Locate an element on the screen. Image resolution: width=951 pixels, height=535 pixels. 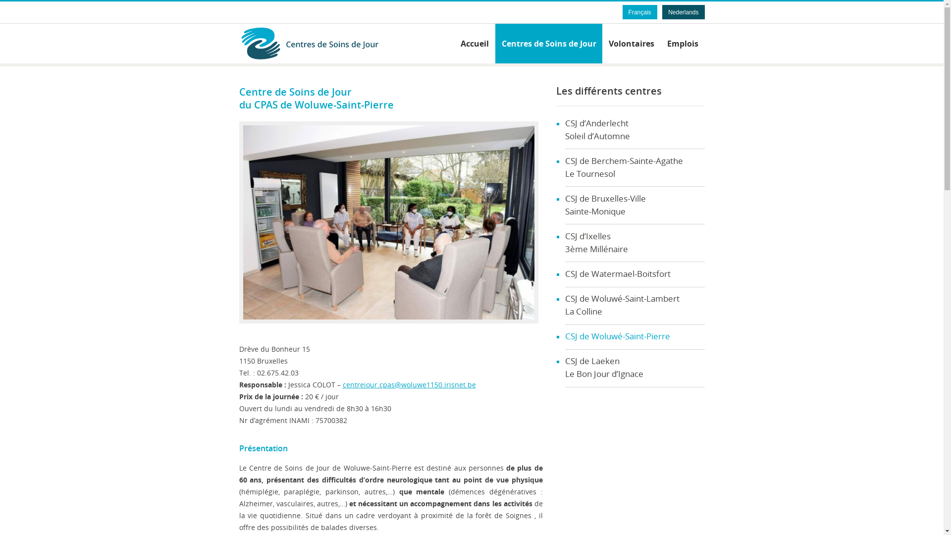
'centrejour.cpas@woluwe1150.irisnet.be' is located at coordinates (342, 384).